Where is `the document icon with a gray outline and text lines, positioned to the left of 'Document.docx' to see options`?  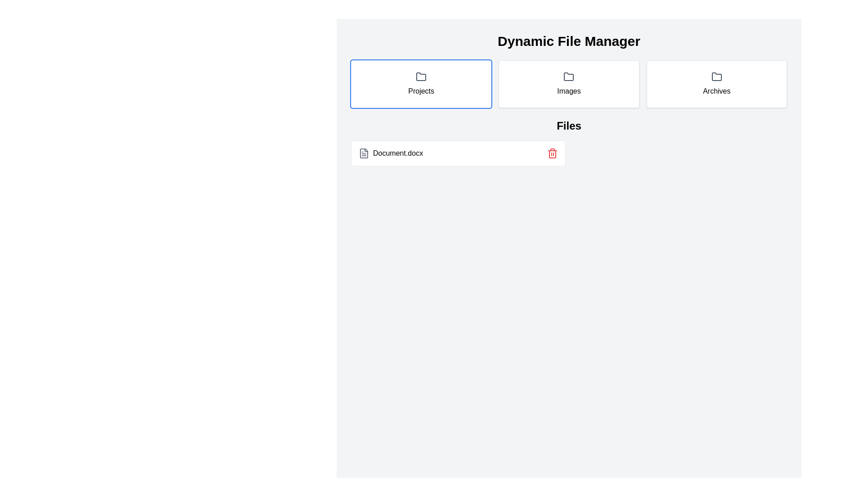
the document icon with a gray outline and text lines, positioned to the left of 'Document.docx' to see options is located at coordinates (364, 153).